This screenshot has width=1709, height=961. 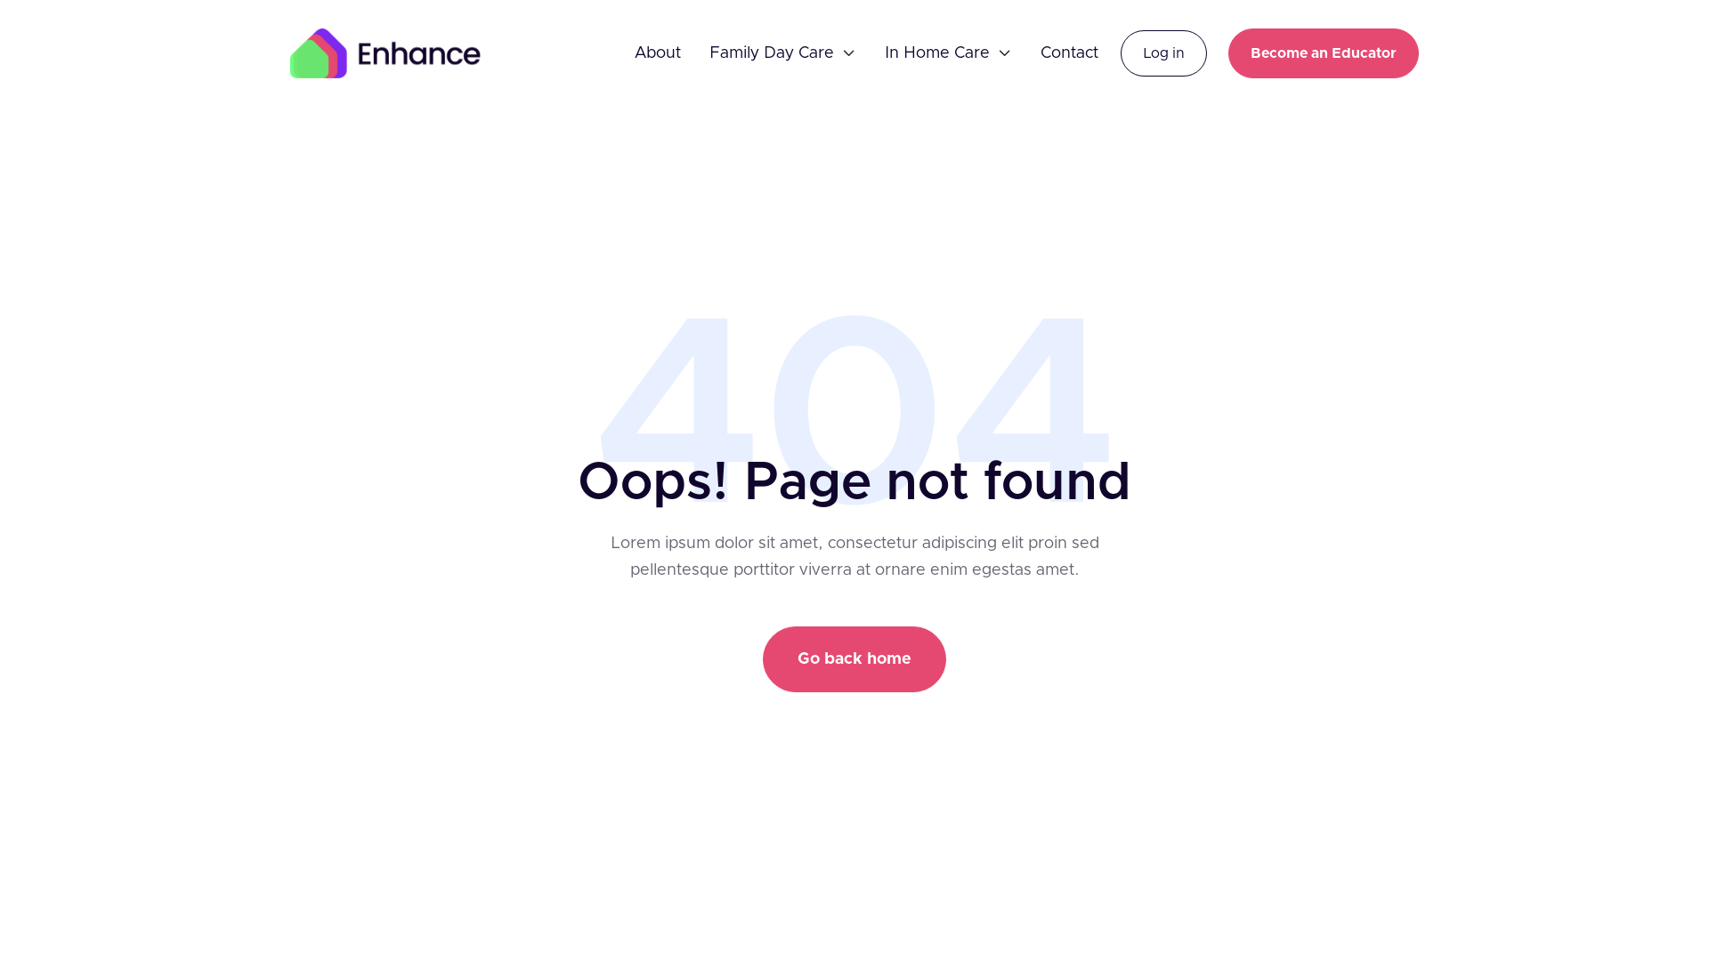 What do you see at coordinates (1324, 52) in the screenshot?
I see `'Become an Educator'` at bounding box center [1324, 52].